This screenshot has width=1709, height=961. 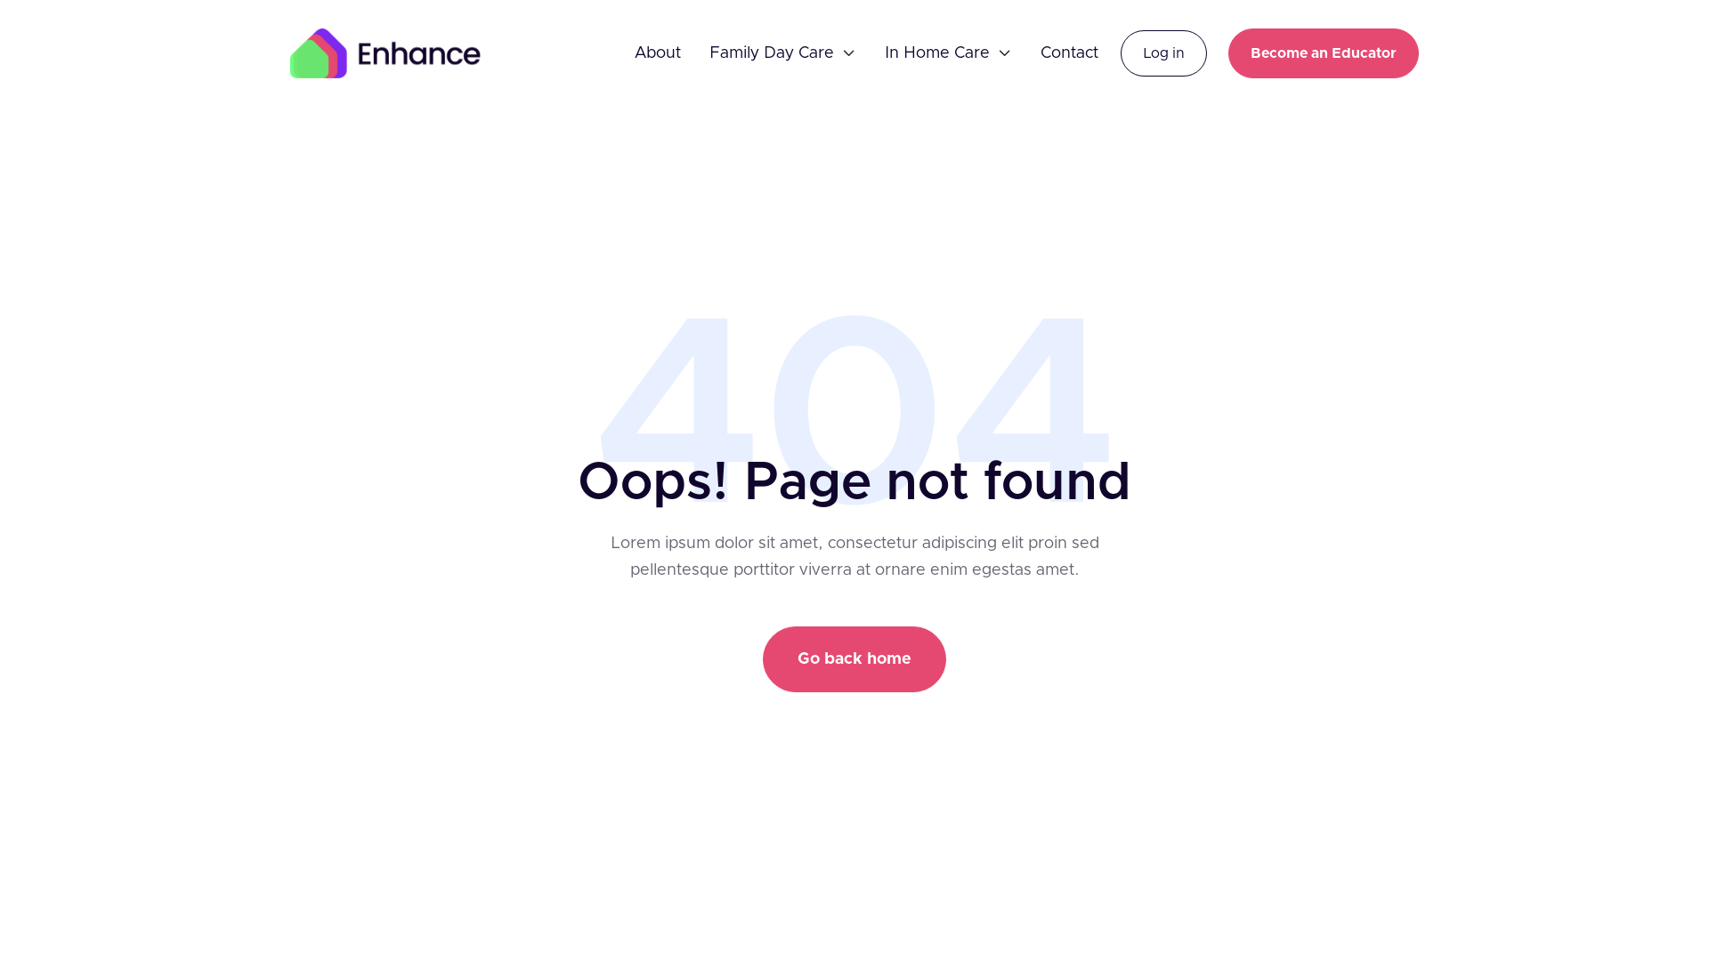 What do you see at coordinates (1324, 52) in the screenshot?
I see `'Become an Educator'` at bounding box center [1324, 52].